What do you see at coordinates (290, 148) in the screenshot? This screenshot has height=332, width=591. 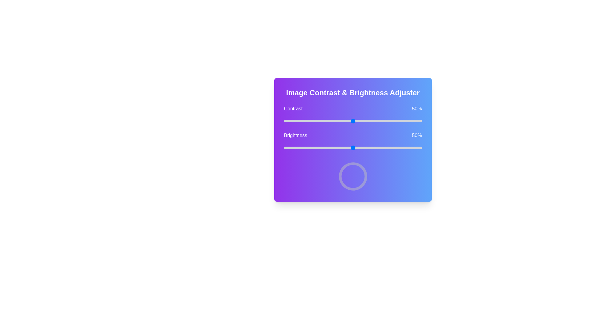 I see `the brightness slider to 5%` at bounding box center [290, 148].